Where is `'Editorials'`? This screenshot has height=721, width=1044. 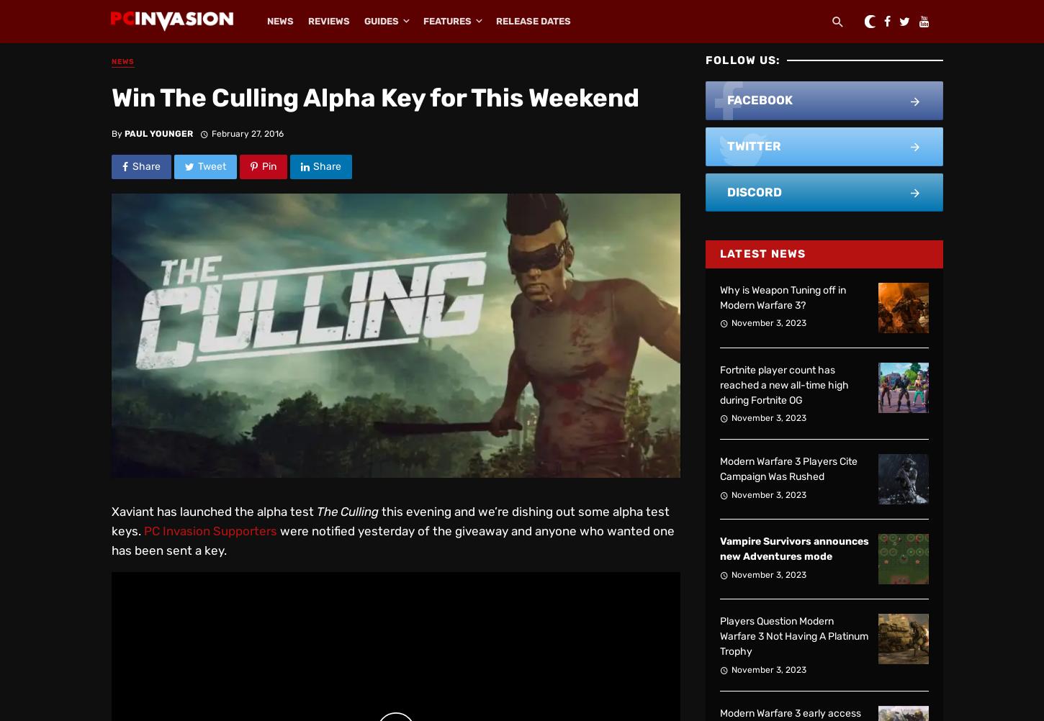
'Editorials' is located at coordinates (448, 59).